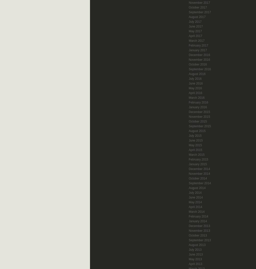 The height and width of the screenshot is (269, 256). I want to click on 'November 2015', so click(199, 116).